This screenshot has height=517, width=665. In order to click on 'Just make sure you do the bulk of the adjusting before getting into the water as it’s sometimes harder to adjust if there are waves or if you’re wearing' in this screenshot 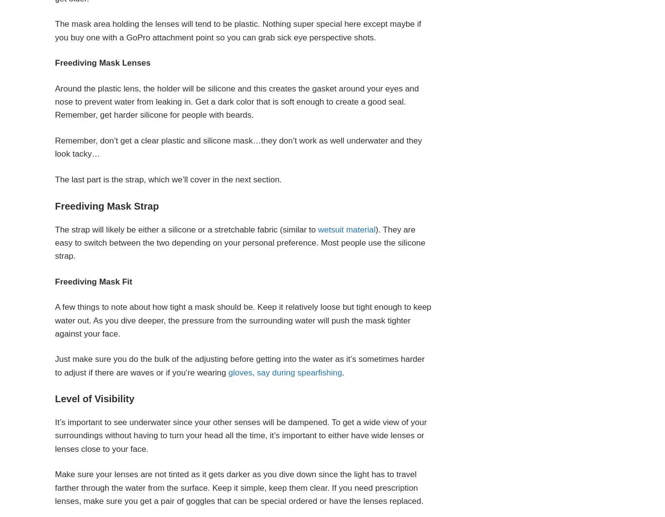, I will do `click(55, 365)`.